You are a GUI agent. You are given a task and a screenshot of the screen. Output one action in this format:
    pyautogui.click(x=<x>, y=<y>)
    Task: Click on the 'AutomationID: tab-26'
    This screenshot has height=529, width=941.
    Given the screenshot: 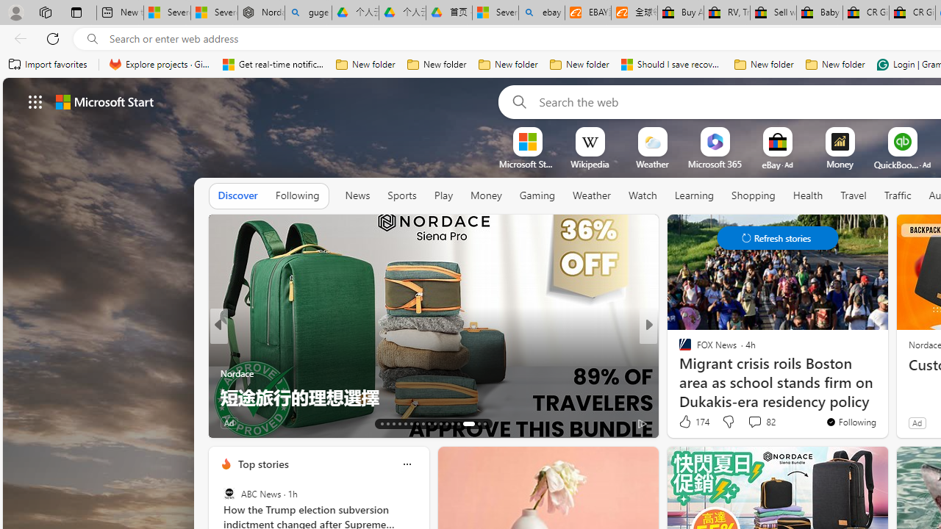 What is the action you would take?
    pyautogui.click(x=458, y=424)
    